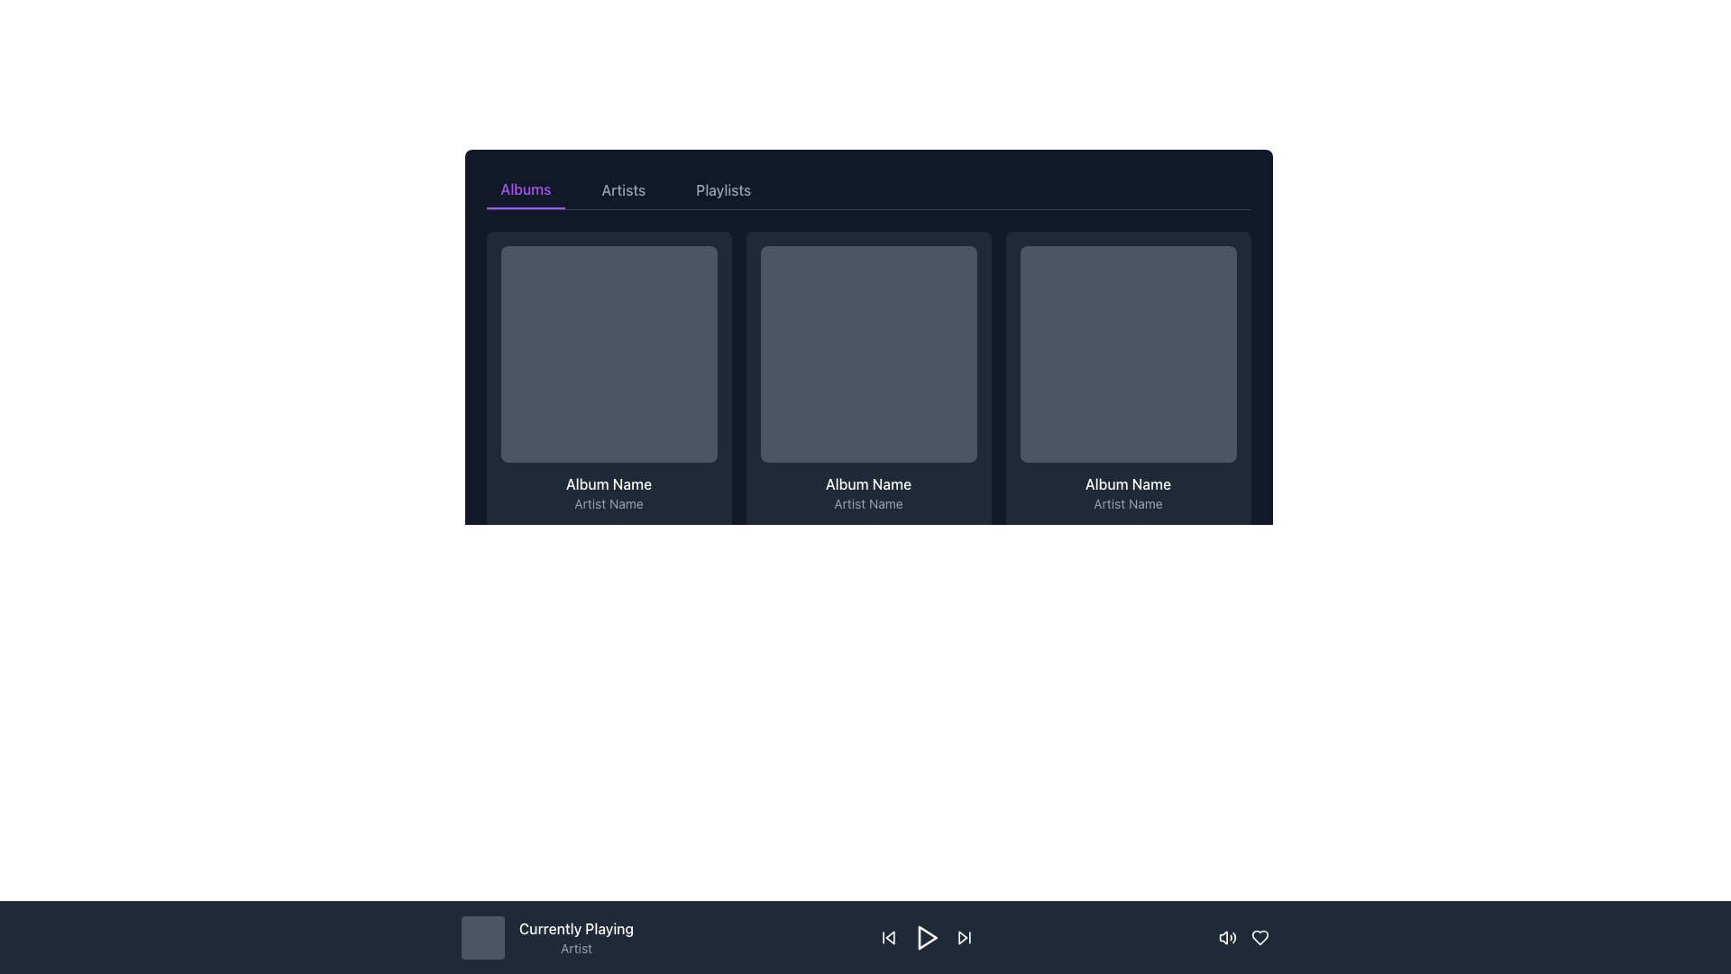 The image size is (1731, 974). What do you see at coordinates (1127, 504) in the screenshot?
I see `the static text label displaying the artist's name, which is located beneath the album name ('Album Name') and above the track duration ('0:37') within the card in the third column of a horizontal grid` at bounding box center [1127, 504].